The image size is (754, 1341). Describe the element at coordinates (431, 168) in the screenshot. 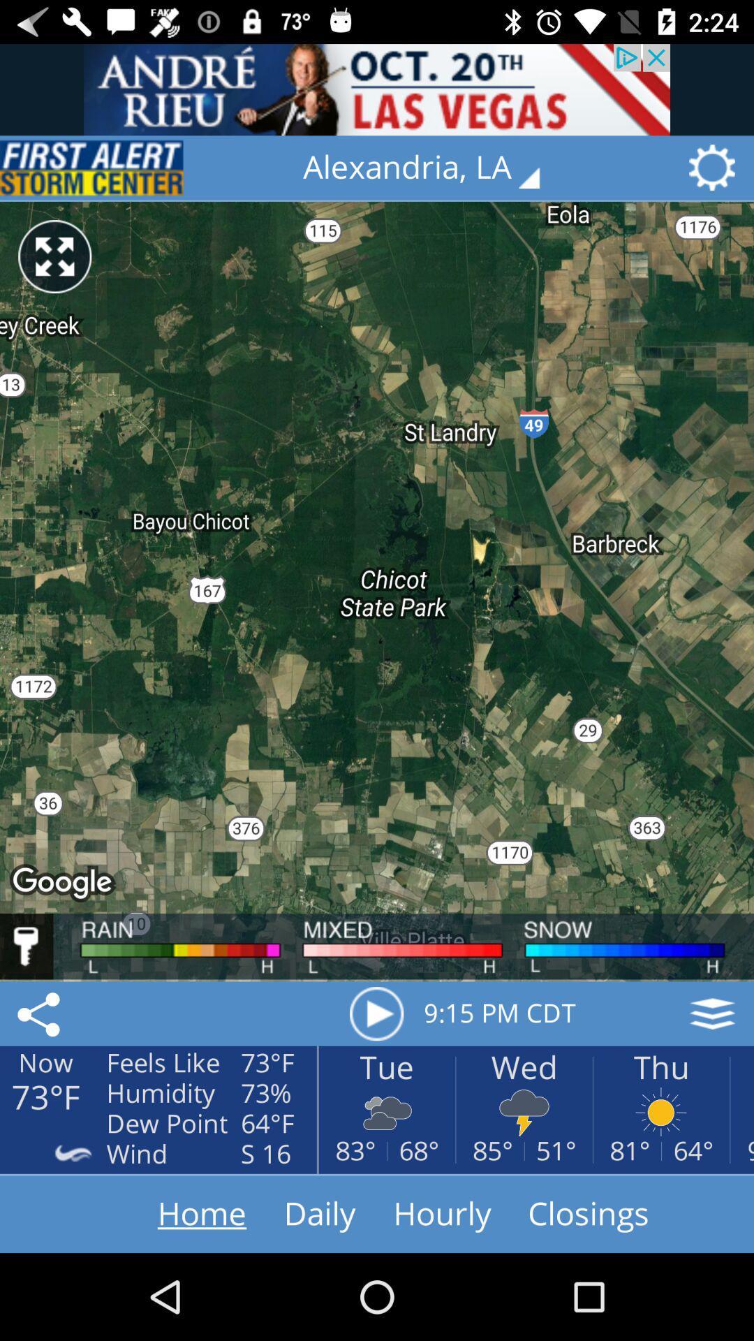

I see `tap on the option with text alexandria la` at that location.